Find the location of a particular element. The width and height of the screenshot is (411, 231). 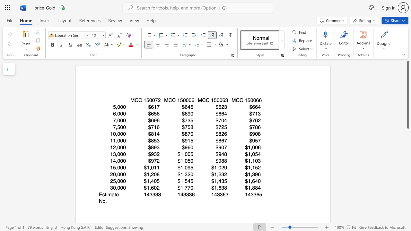

the scrollbar to move the view down is located at coordinates (407, 166).